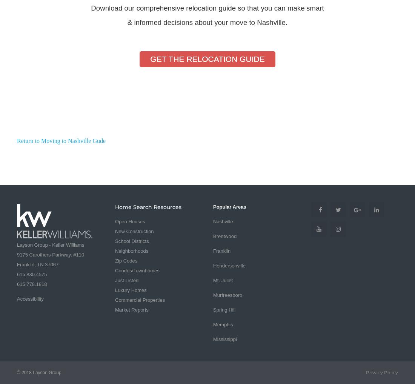 Image resolution: width=415 pixels, height=384 pixels. What do you see at coordinates (126, 280) in the screenshot?
I see `'Just Listed'` at bounding box center [126, 280].